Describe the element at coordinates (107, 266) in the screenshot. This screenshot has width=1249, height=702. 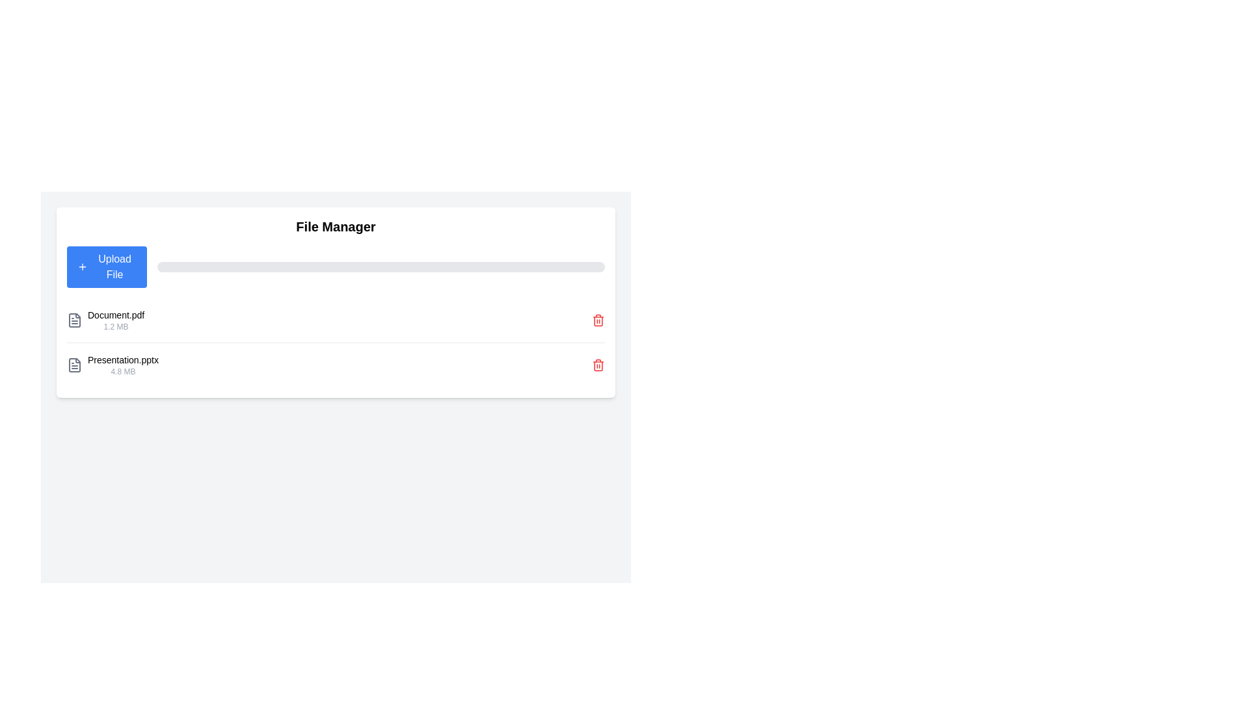
I see `the button with a blue background and white text that reads 'Upload File', which has rounded corners and a plus icon` at that location.